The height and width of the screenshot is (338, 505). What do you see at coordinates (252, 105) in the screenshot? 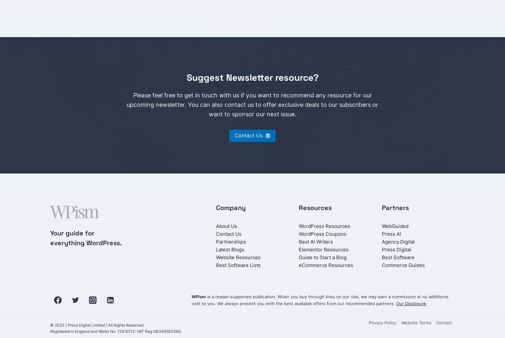
I see `'Please feel free to get in touch with us if you want to recommend any resource for our upcoming newsletter. You can also contact us to offer exclusive deals to our subscribers or want to sponsor our next issue.'` at bounding box center [252, 105].